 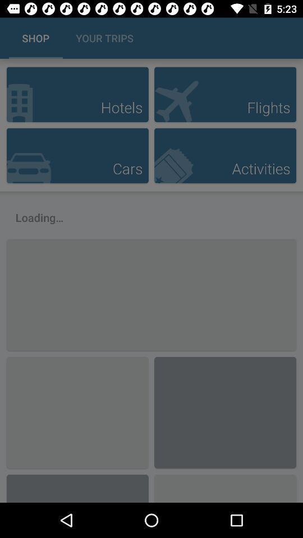 What do you see at coordinates (225, 94) in the screenshot?
I see `choose flight option` at bounding box center [225, 94].